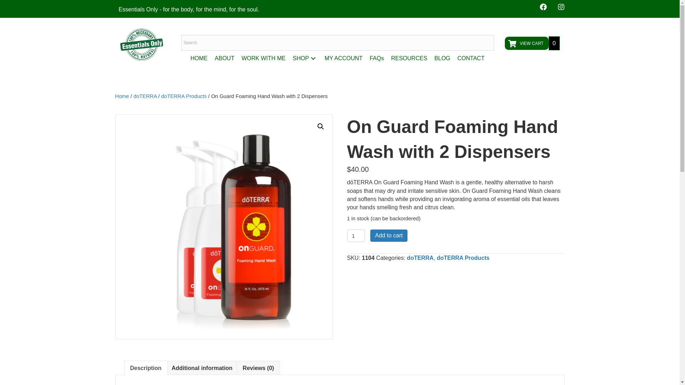  I want to click on 'Facebook', so click(542, 7).